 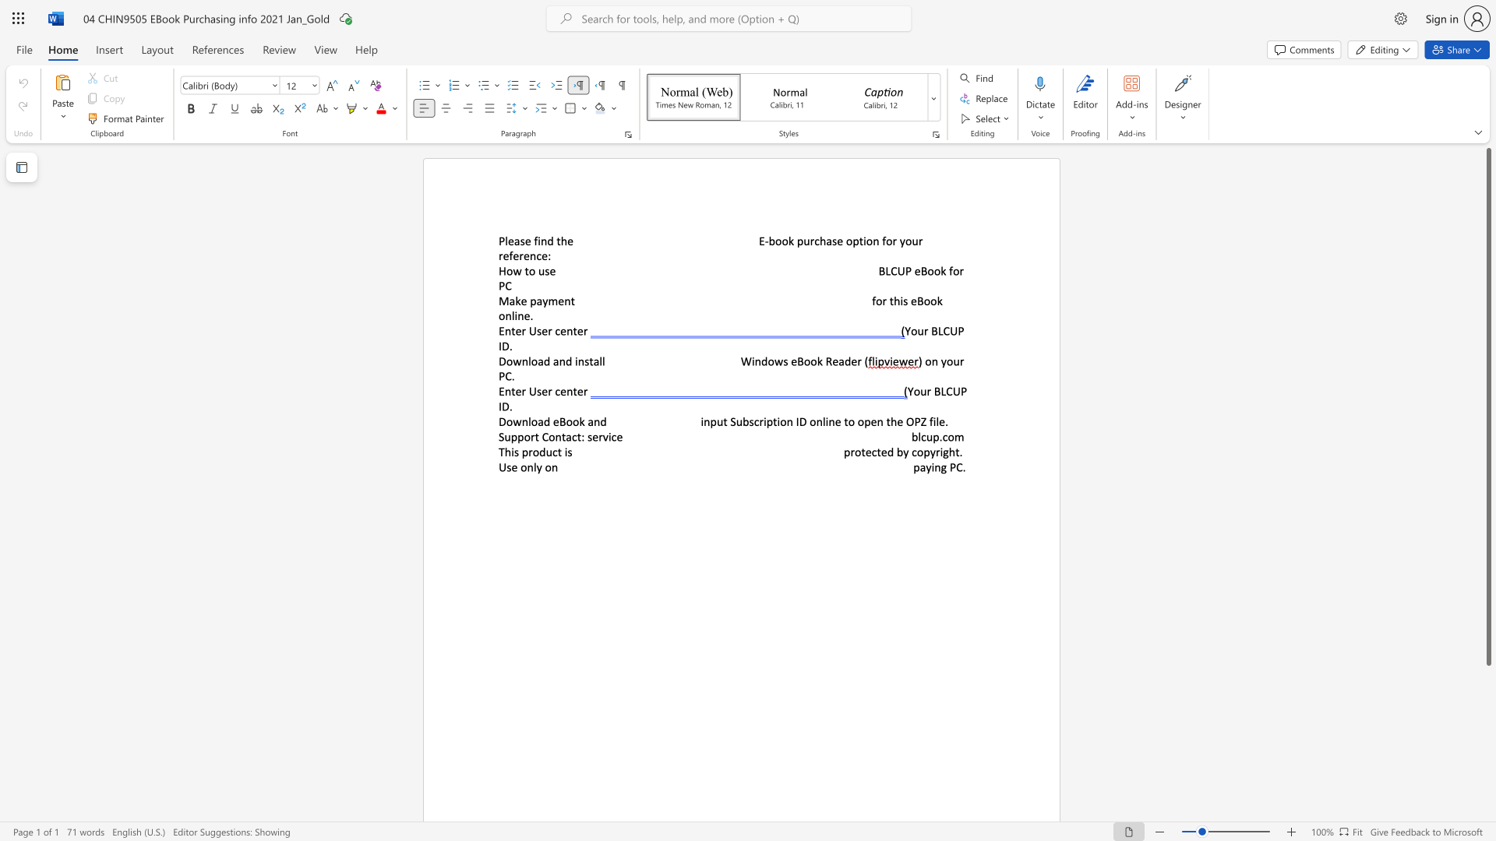 I want to click on the 1th character ":" in the text, so click(x=582, y=437).